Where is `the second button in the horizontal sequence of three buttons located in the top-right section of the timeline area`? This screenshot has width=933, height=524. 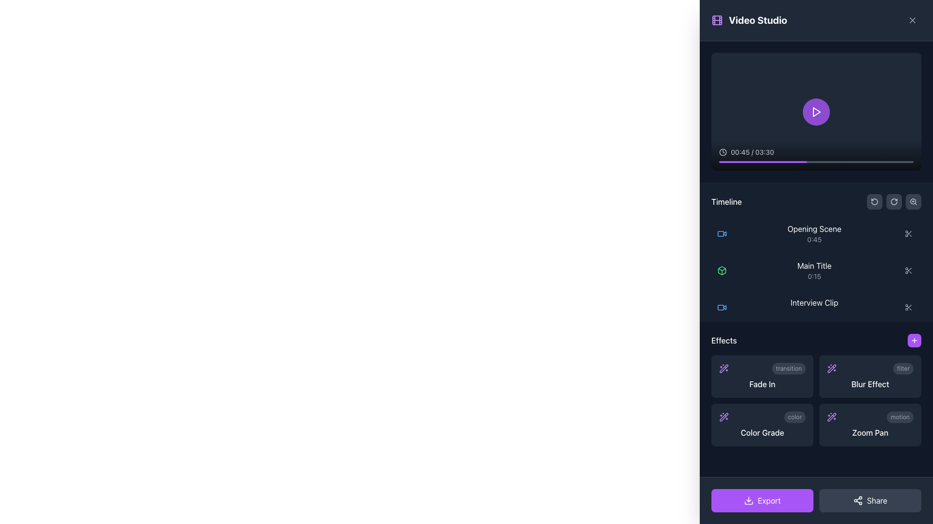 the second button in the horizontal sequence of three buttons located in the top-right section of the timeline area is located at coordinates (894, 201).